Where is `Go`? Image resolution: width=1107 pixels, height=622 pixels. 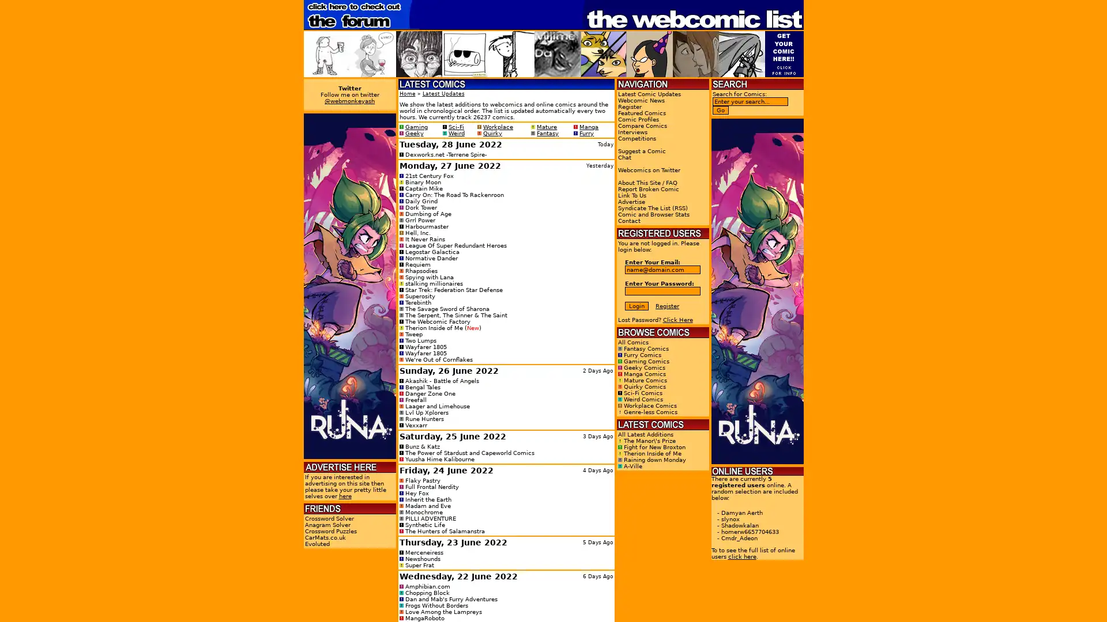
Go is located at coordinates (719, 110).